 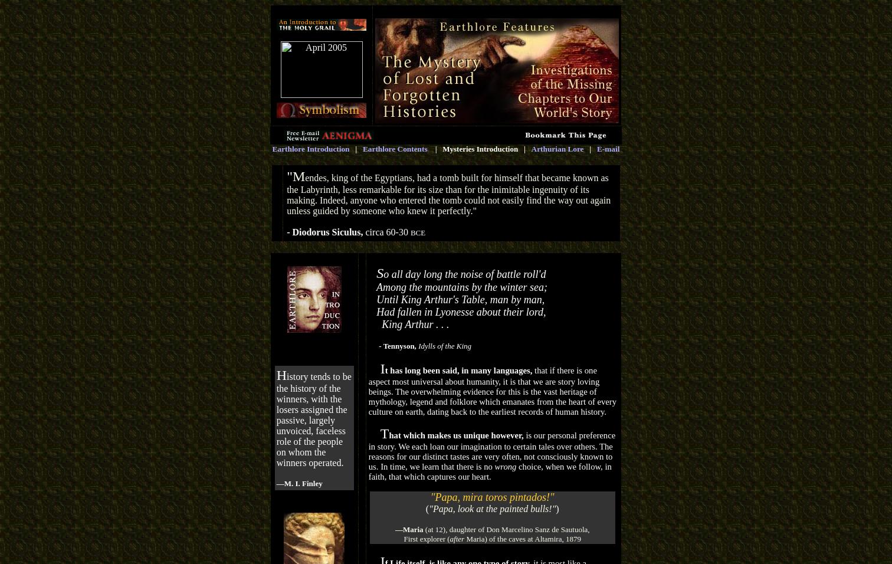 What do you see at coordinates (281, 375) in the screenshot?
I see `'H'` at bounding box center [281, 375].